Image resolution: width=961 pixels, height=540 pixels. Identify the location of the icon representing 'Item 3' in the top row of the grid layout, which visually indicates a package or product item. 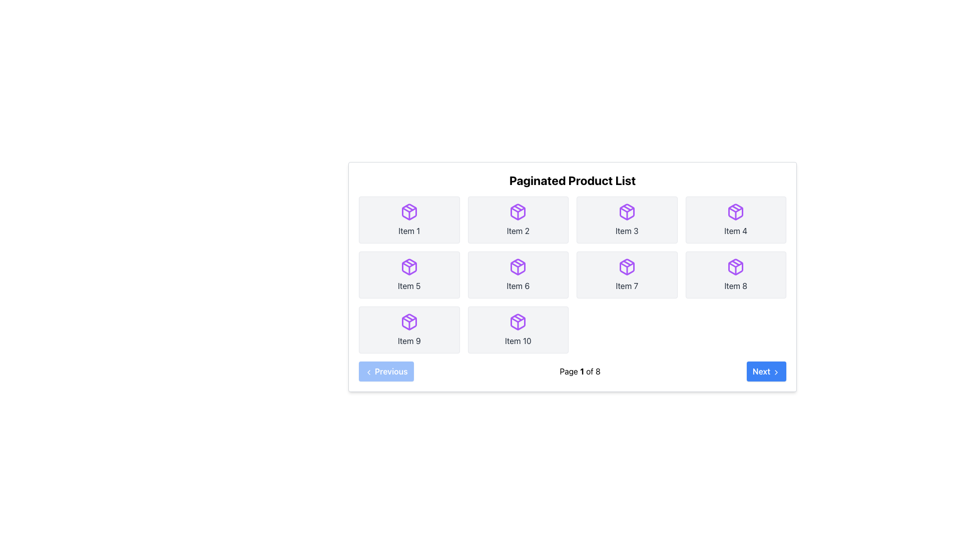
(626, 211).